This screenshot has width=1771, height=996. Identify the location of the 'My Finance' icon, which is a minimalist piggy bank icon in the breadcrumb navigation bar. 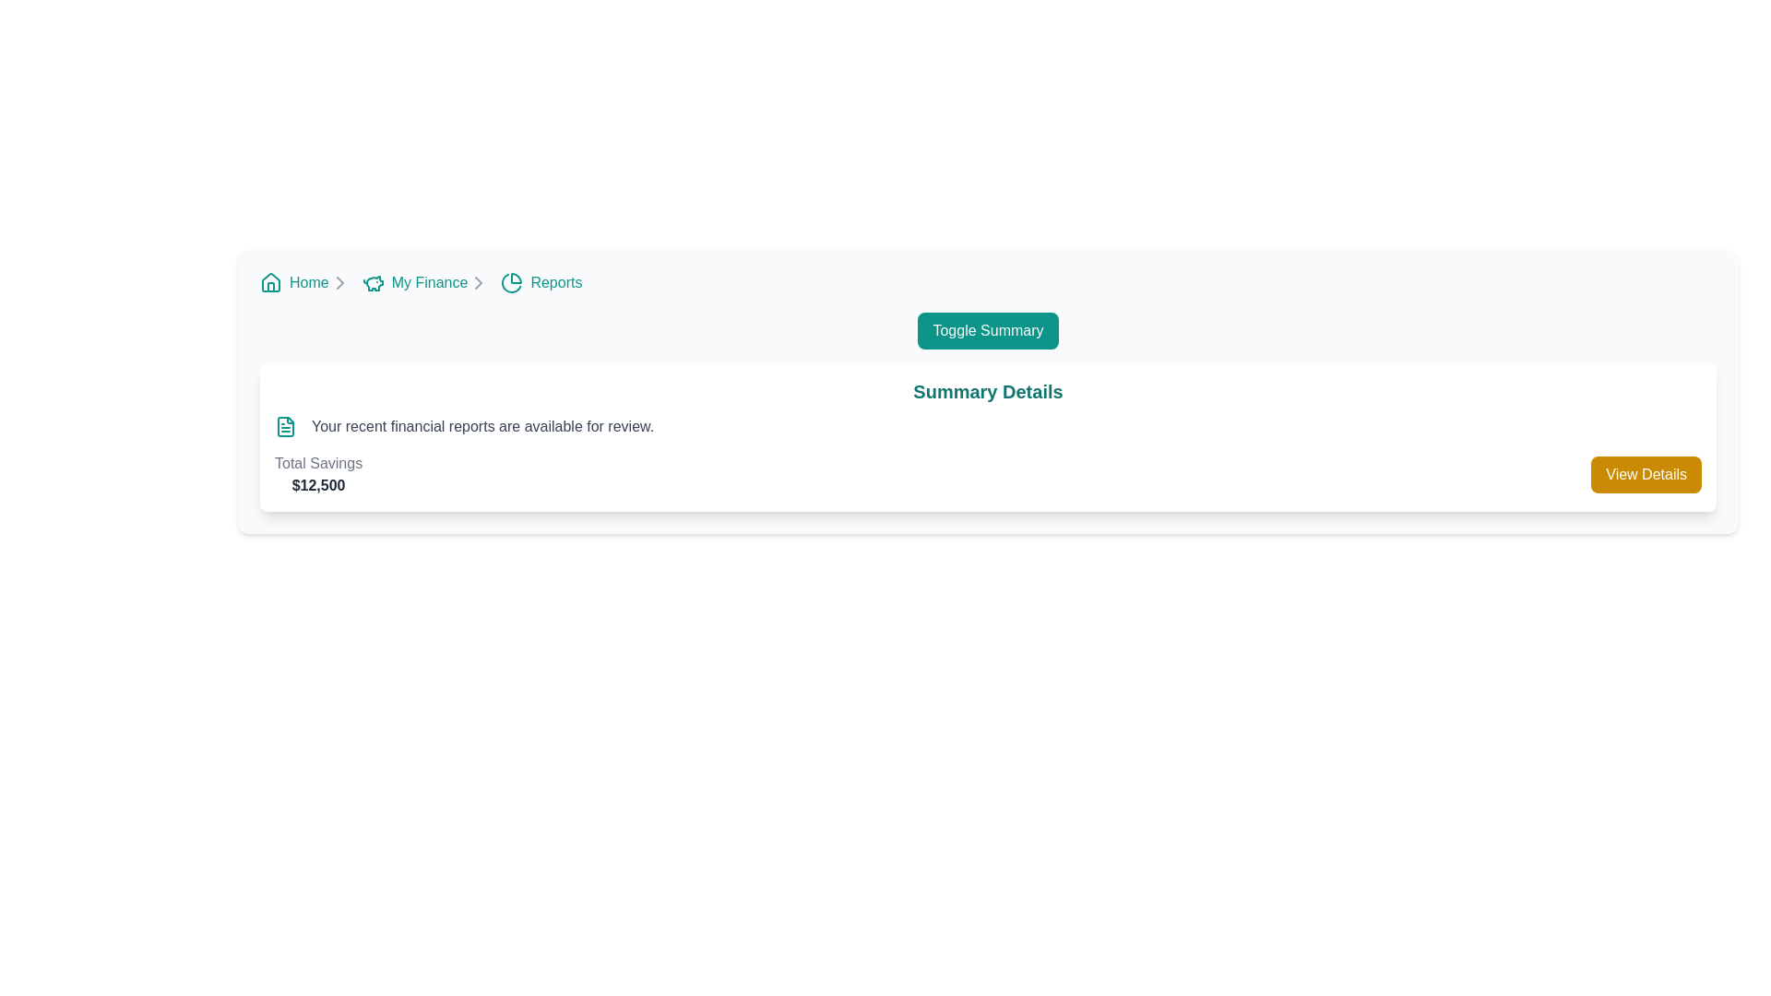
(374, 283).